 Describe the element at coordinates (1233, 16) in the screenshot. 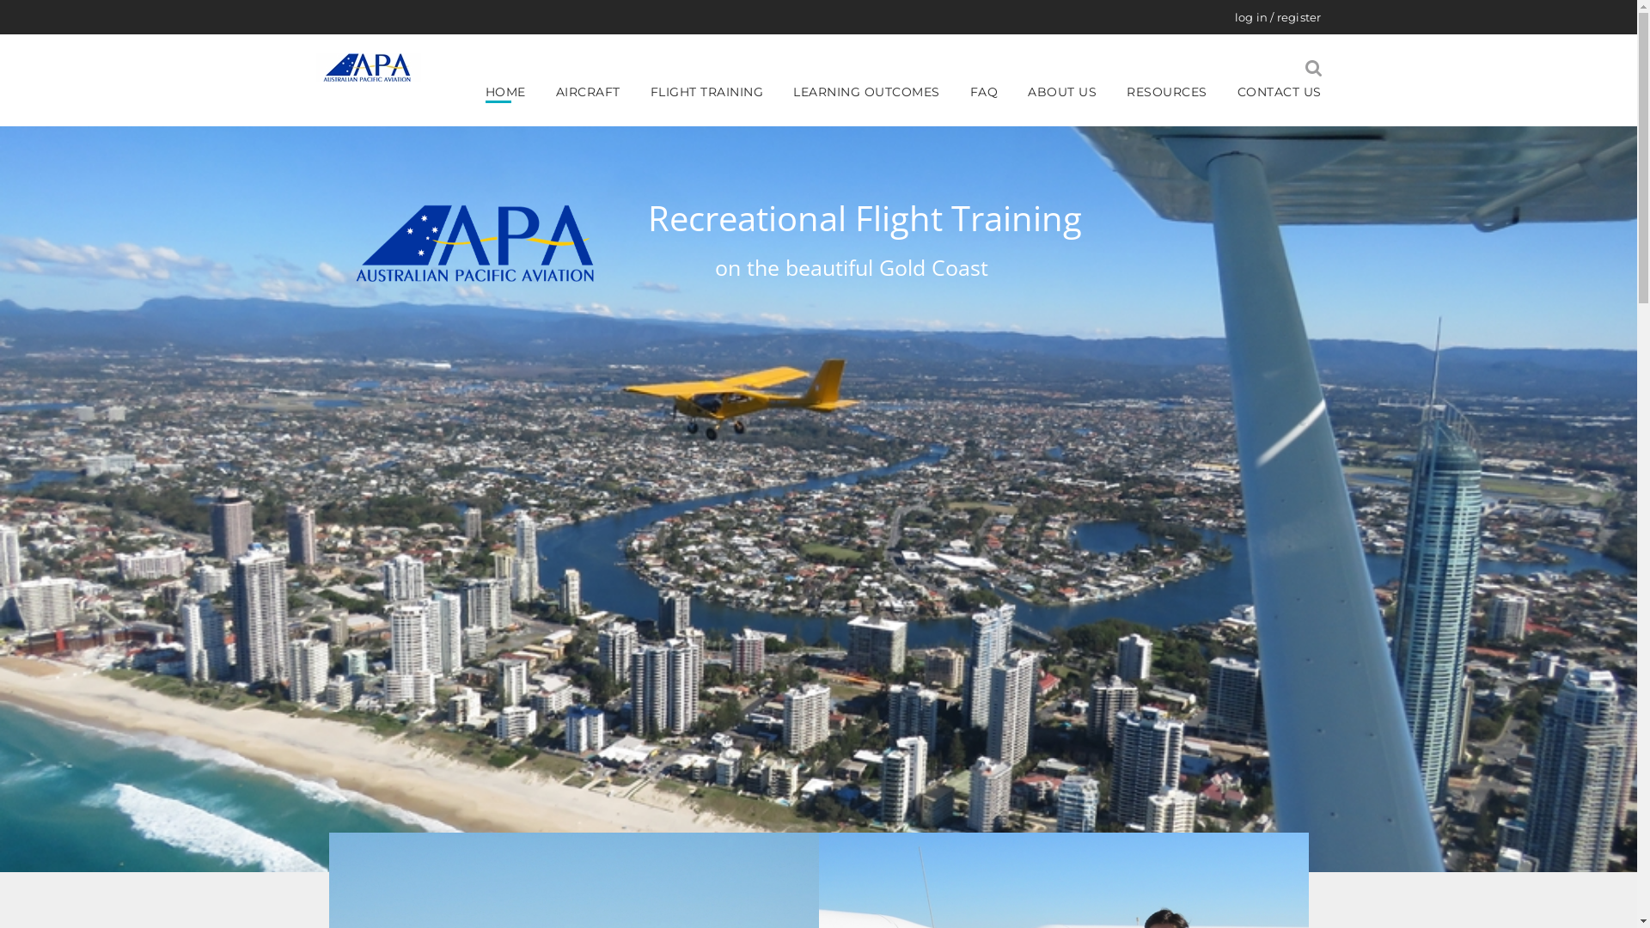

I see `'log in / register'` at that location.